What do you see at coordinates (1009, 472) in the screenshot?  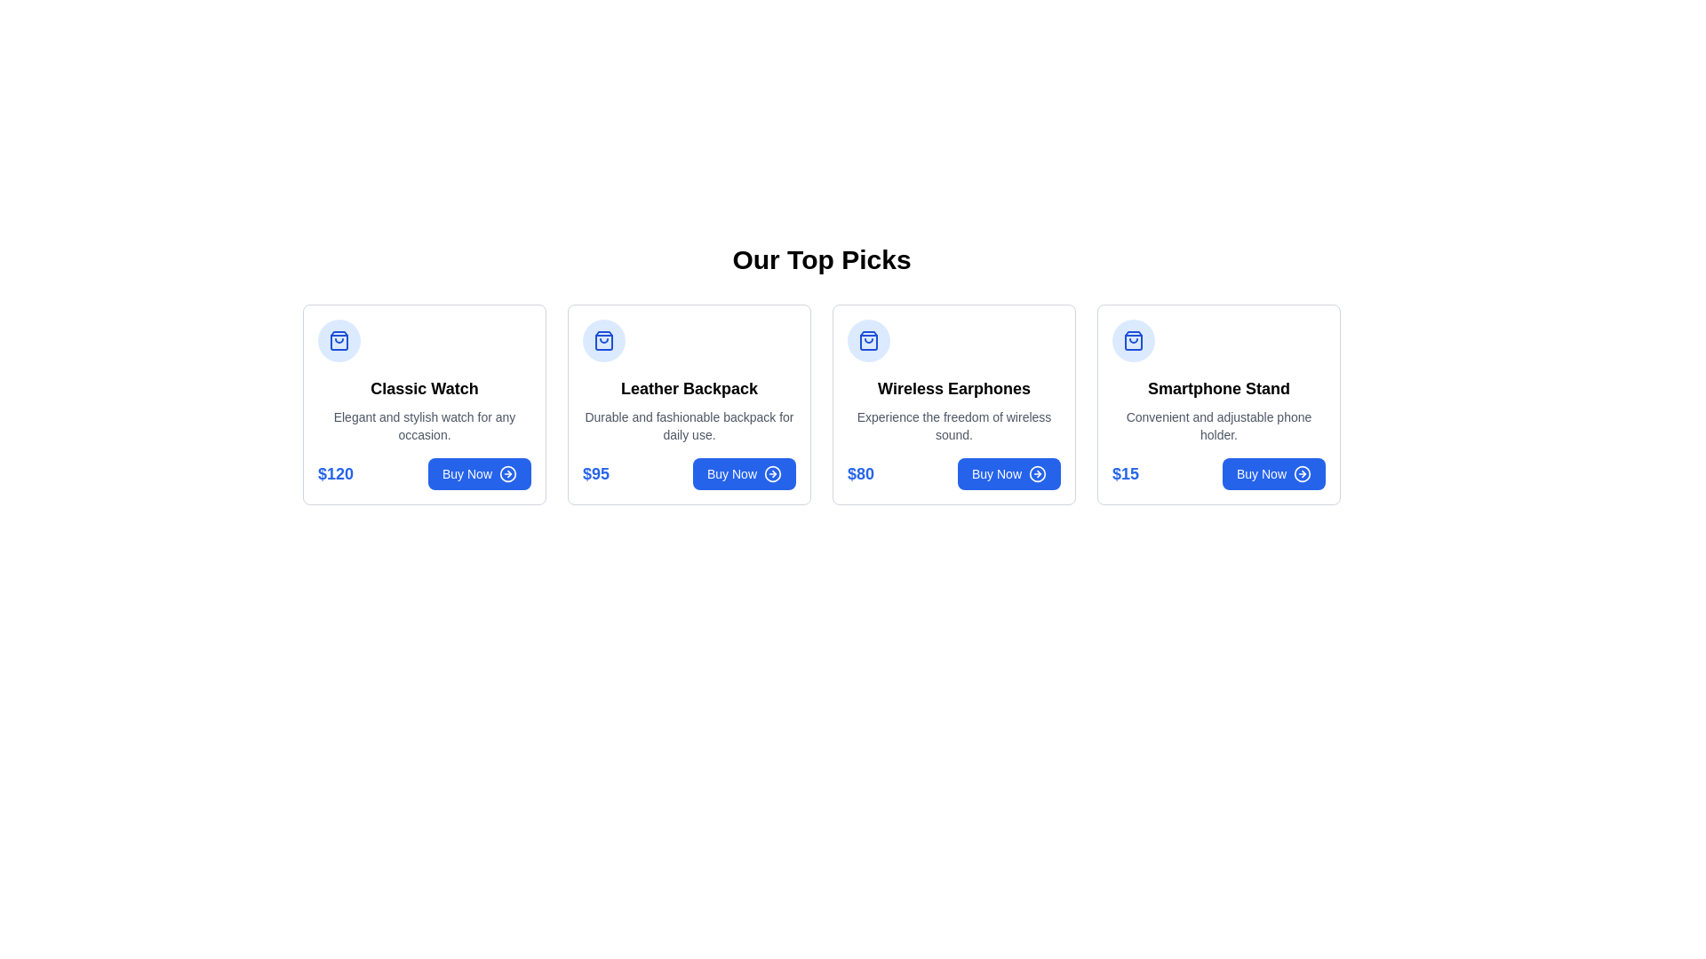 I see `the 'Buy Now' button with rounded edges, blue background, and white text to change its color` at bounding box center [1009, 472].